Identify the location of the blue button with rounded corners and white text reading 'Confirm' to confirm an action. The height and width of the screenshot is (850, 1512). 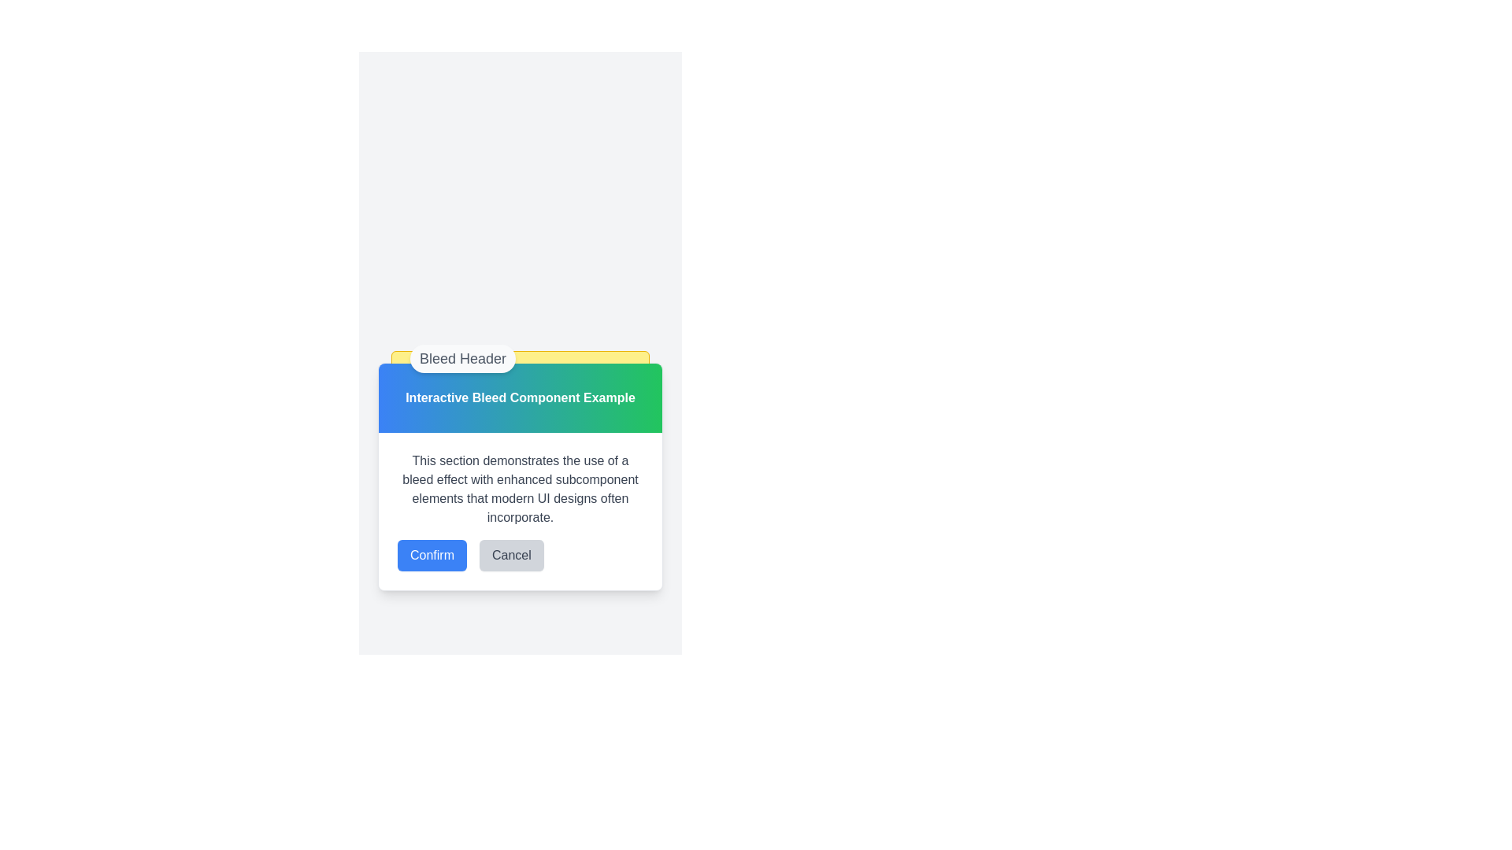
(432, 554).